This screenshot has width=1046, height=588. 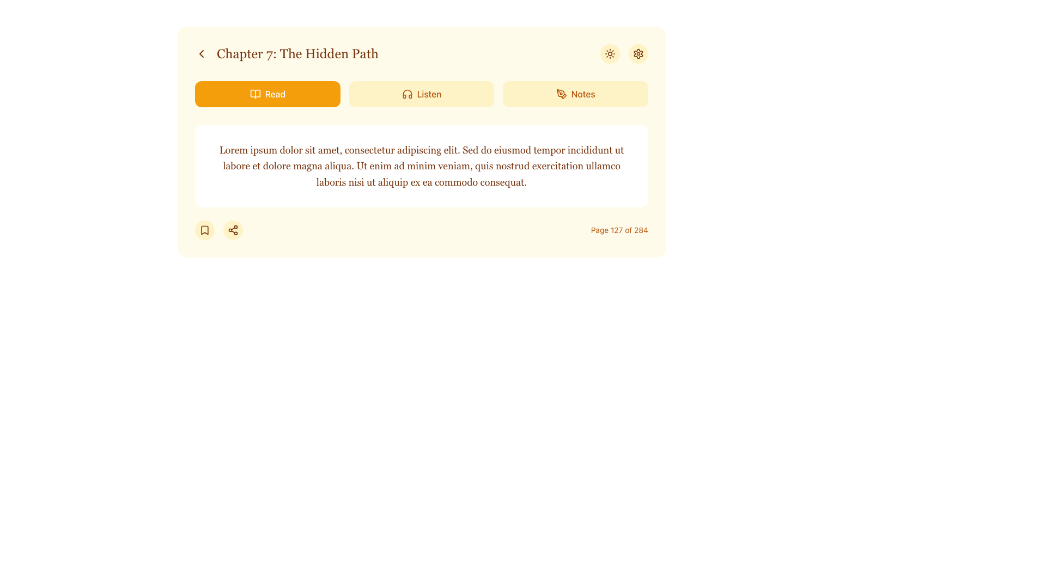 I want to click on the 'Listen' button, which is the second button in a row of three buttons, positioned between the 'Read' button on the left and the 'Notes' button on the right, so click(x=421, y=94).